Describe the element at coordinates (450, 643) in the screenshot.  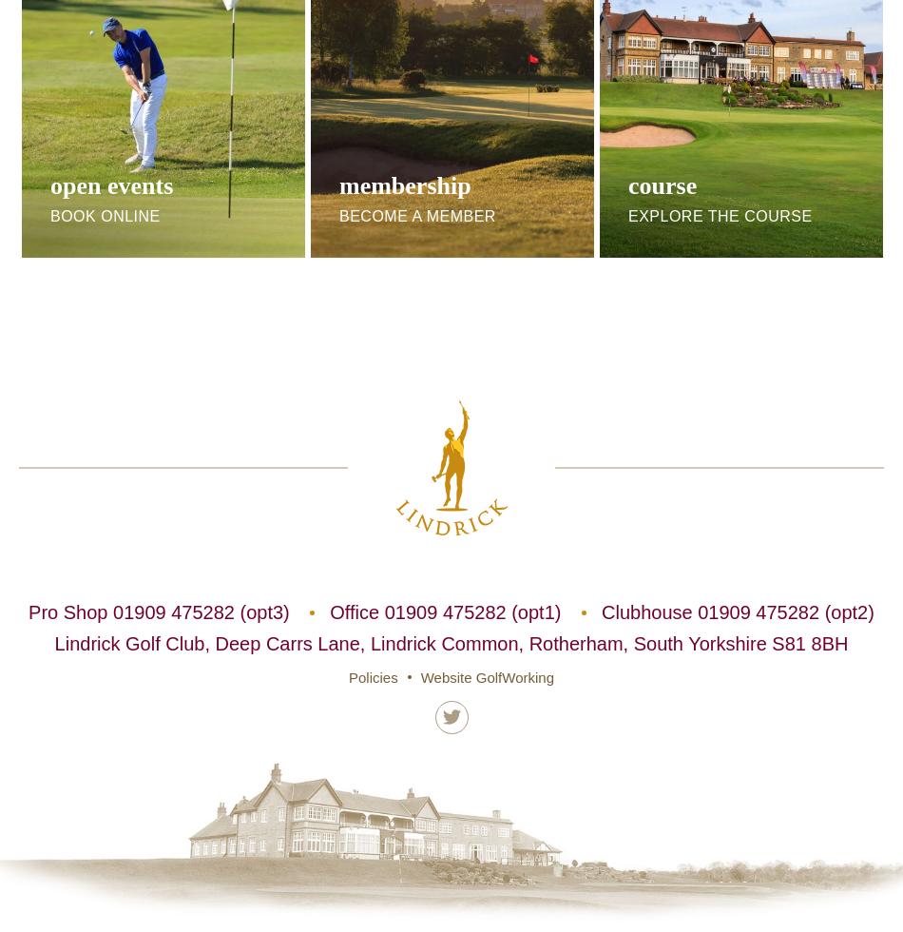
I see `'Lindrick Golf Club, Deep Carrs Lane, Lindrick Common, Rotherham, South Yorkshire S81 8BH'` at that location.